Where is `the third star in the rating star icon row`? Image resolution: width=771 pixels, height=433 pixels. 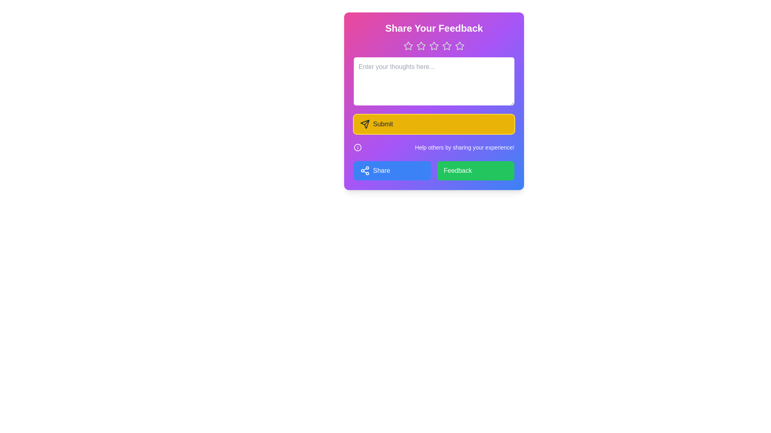 the third star in the rating star icon row is located at coordinates (433, 46).